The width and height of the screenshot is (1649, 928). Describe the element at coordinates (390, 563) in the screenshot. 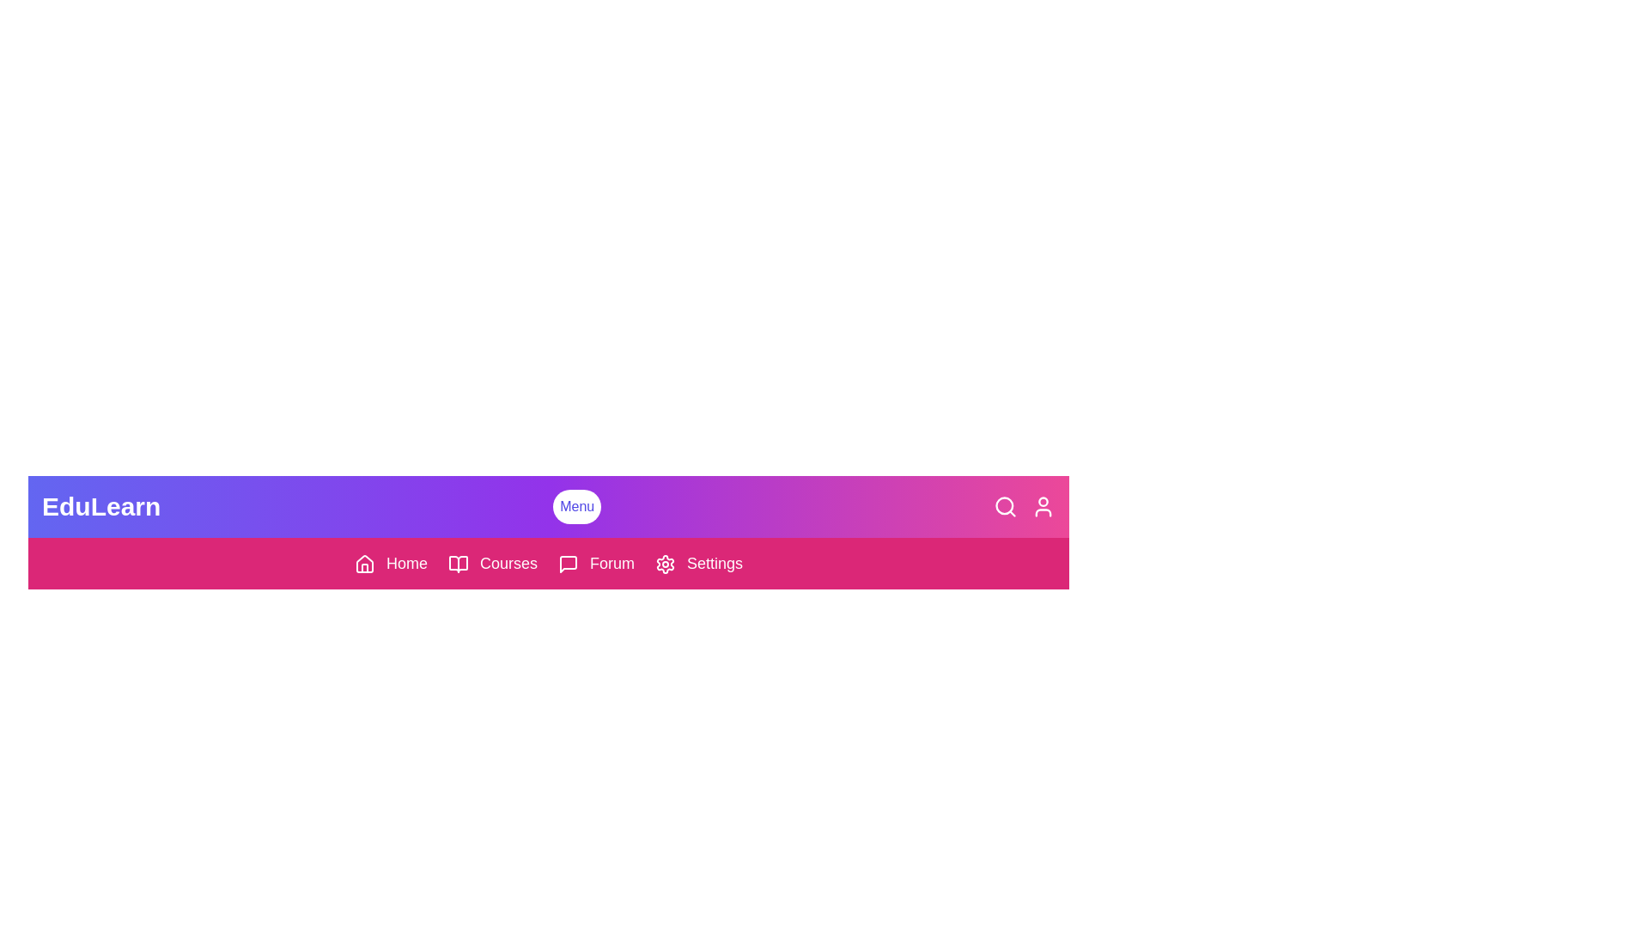

I see `the 'Home' navigation link` at that location.